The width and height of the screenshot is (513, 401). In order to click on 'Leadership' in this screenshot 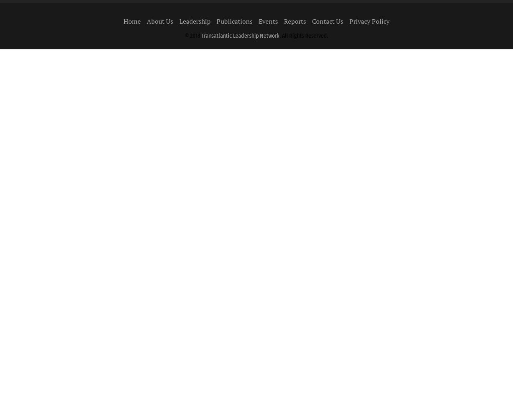, I will do `click(195, 21)`.